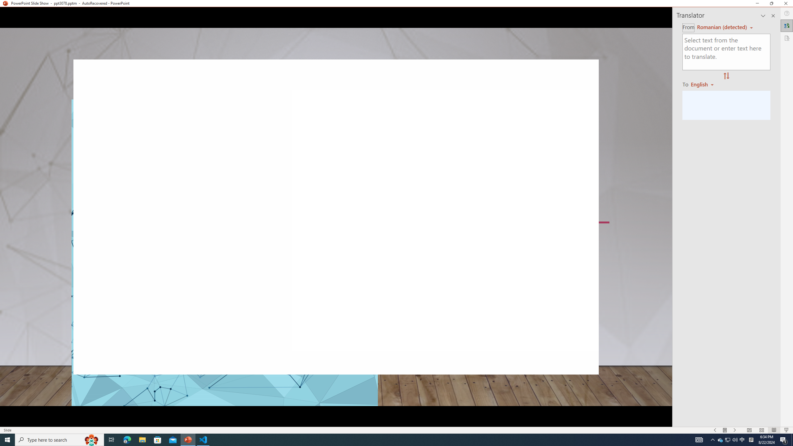 Image resolution: width=793 pixels, height=446 pixels. I want to click on 'Menu On', so click(725, 430).